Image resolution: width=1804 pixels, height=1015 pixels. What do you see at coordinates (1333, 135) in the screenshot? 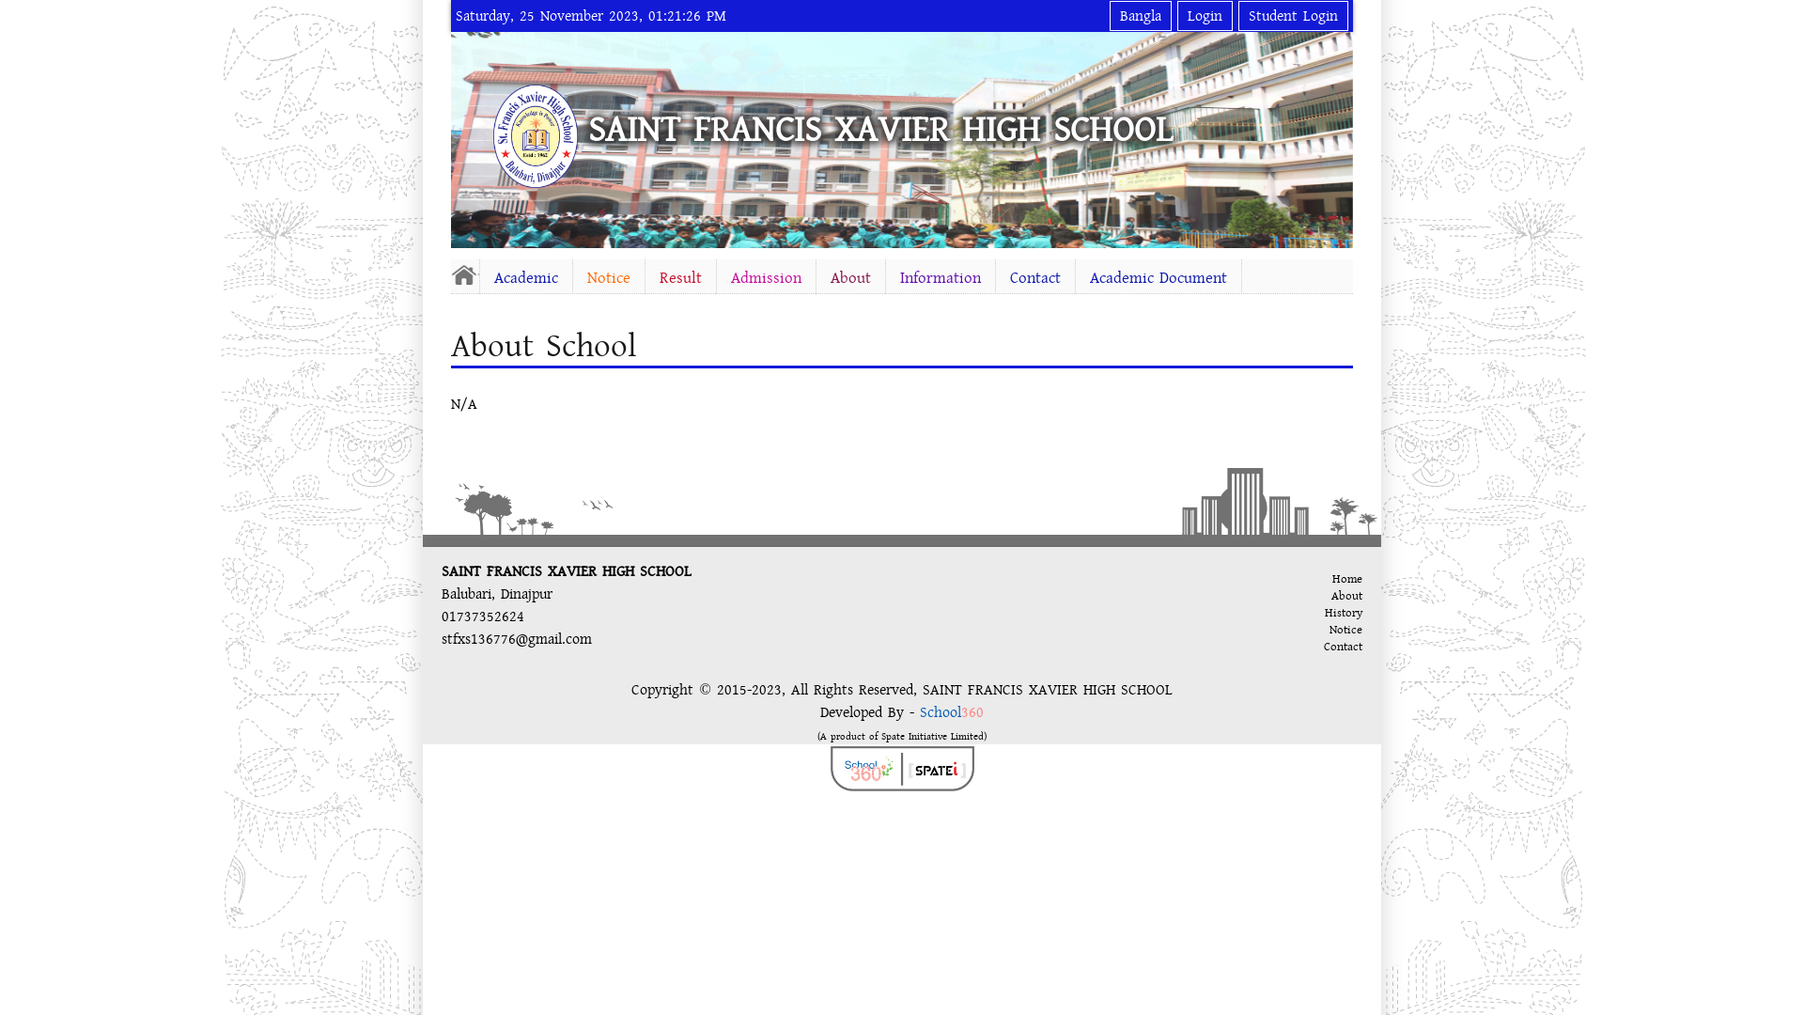
I see `'Next'` at bounding box center [1333, 135].